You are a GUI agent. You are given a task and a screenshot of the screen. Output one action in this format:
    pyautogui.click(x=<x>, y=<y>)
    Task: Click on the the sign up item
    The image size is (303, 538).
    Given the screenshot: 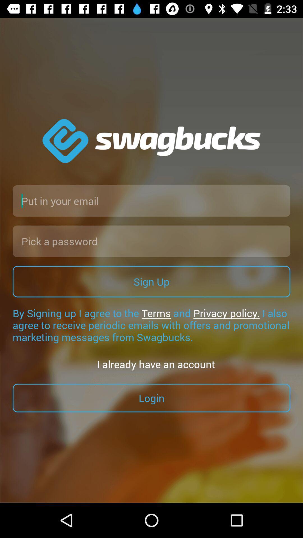 What is the action you would take?
    pyautogui.click(x=151, y=281)
    